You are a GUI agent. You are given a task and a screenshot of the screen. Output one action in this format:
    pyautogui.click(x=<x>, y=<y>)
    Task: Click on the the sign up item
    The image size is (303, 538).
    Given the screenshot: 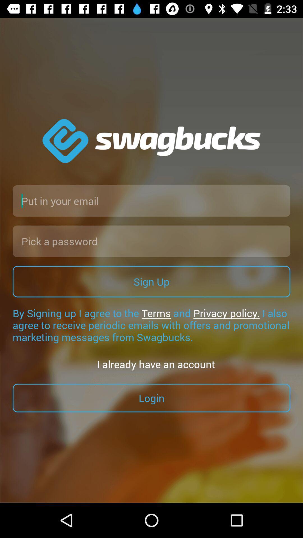 What is the action you would take?
    pyautogui.click(x=151, y=281)
    